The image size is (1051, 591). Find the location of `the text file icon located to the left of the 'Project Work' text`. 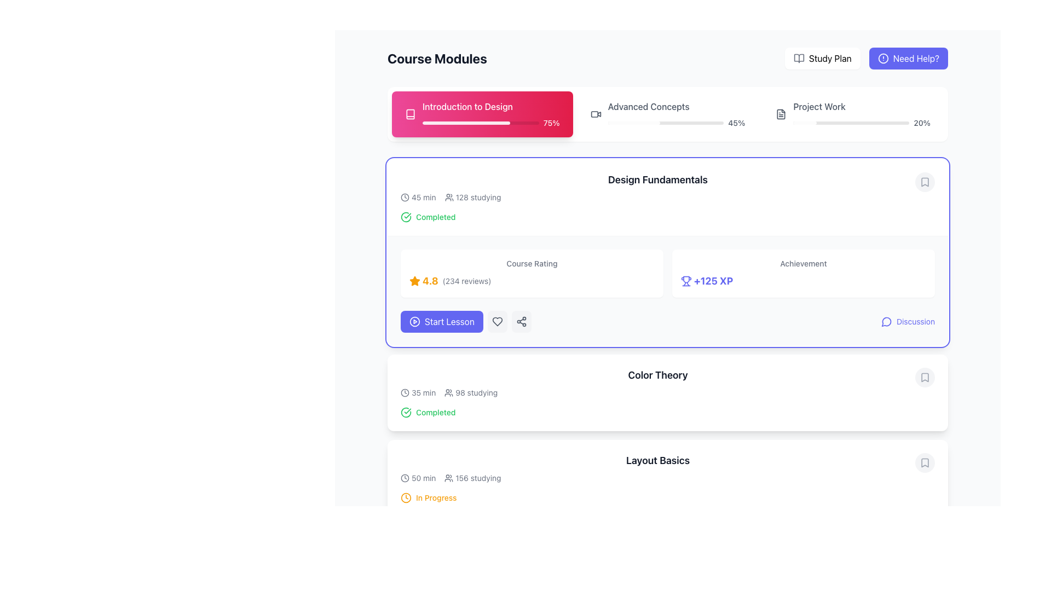

the text file icon located to the left of the 'Project Work' text is located at coordinates (781, 114).